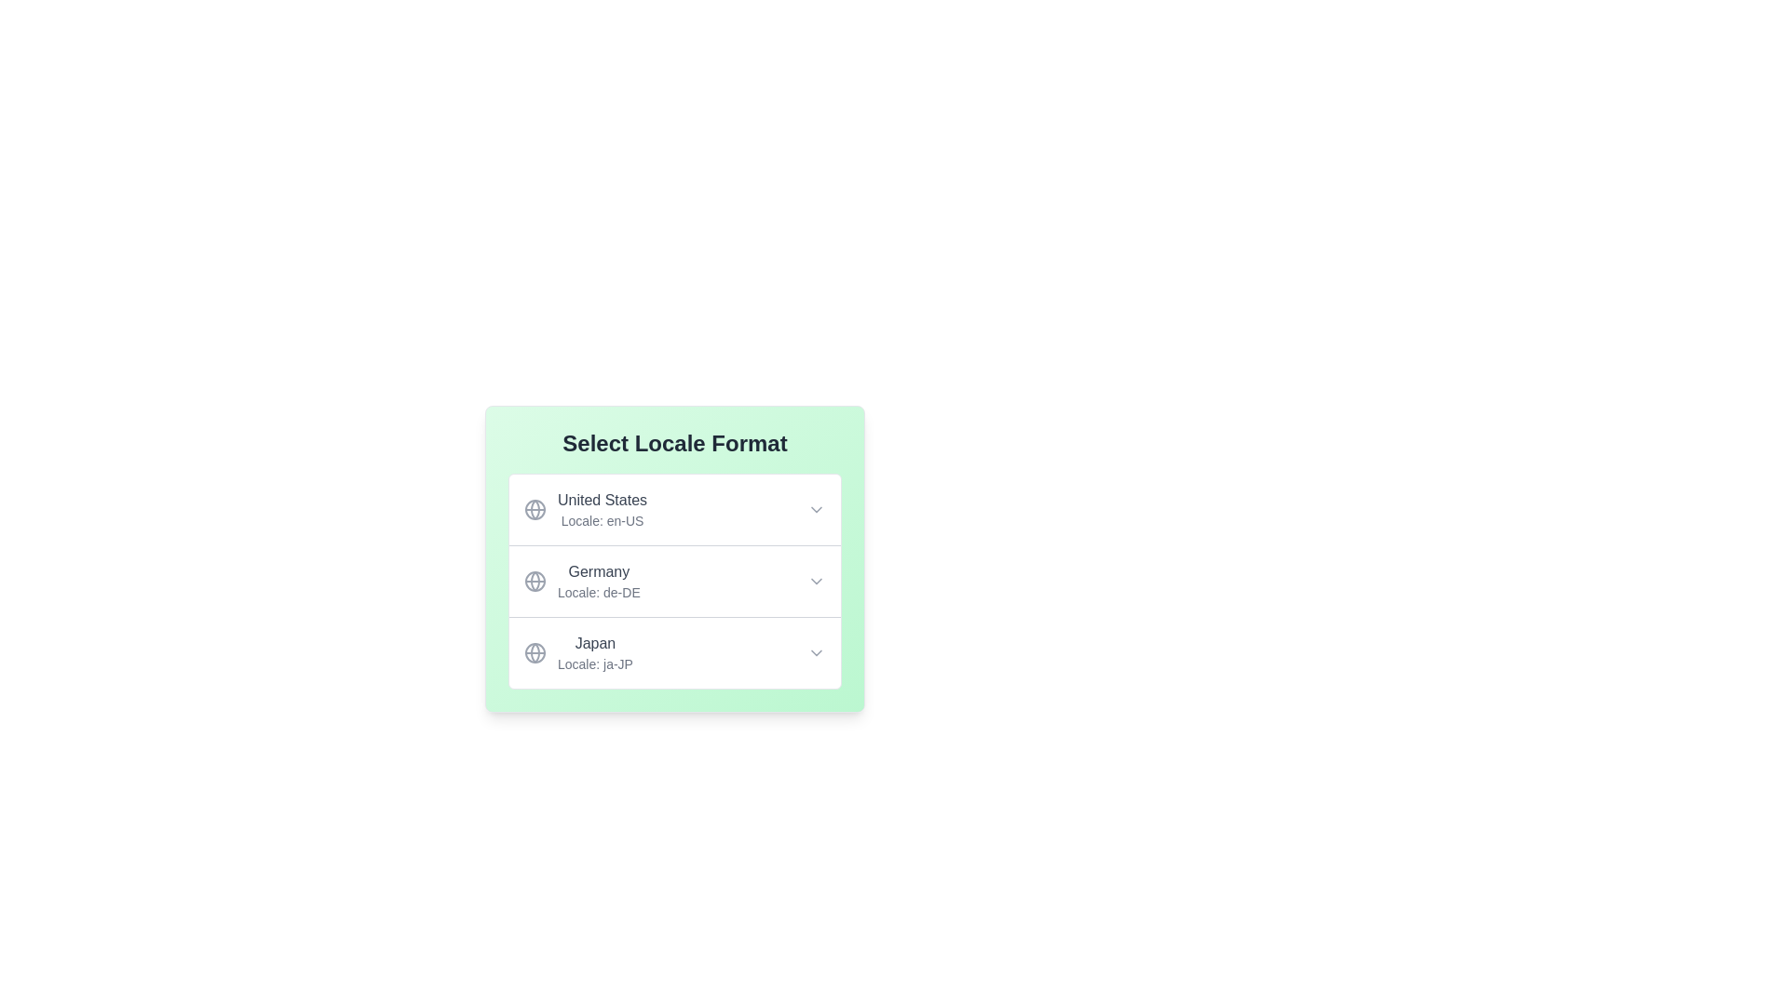 Image resolution: width=1788 pixels, height=1005 pixels. I want to click on the second option in the locale selection list, so click(673, 617).